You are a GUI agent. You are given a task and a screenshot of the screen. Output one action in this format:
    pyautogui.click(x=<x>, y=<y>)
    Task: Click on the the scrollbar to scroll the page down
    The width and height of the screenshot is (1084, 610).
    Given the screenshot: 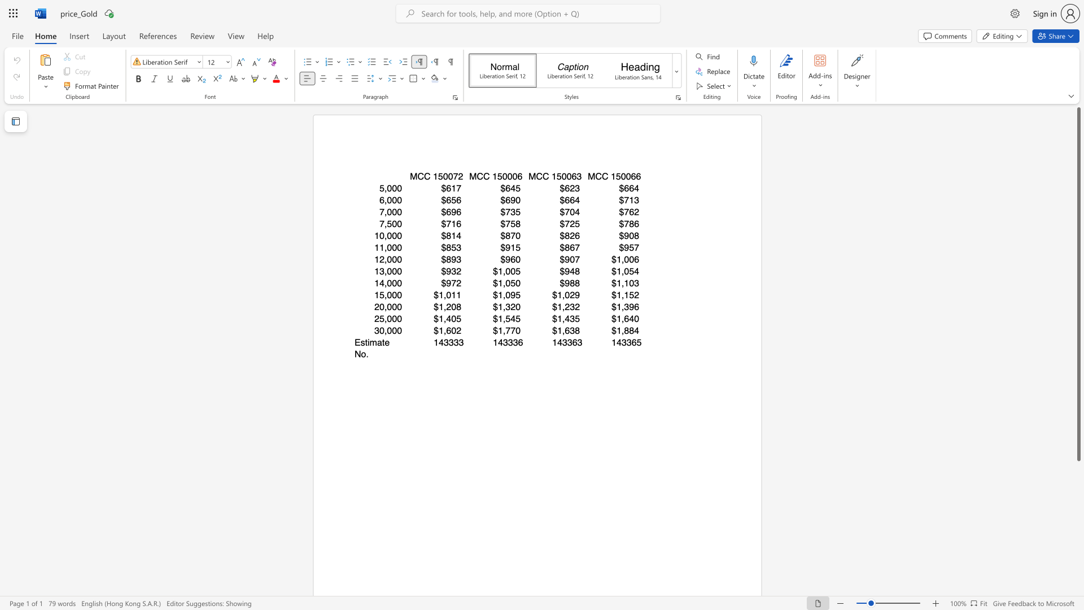 What is the action you would take?
    pyautogui.click(x=1078, y=525)
    